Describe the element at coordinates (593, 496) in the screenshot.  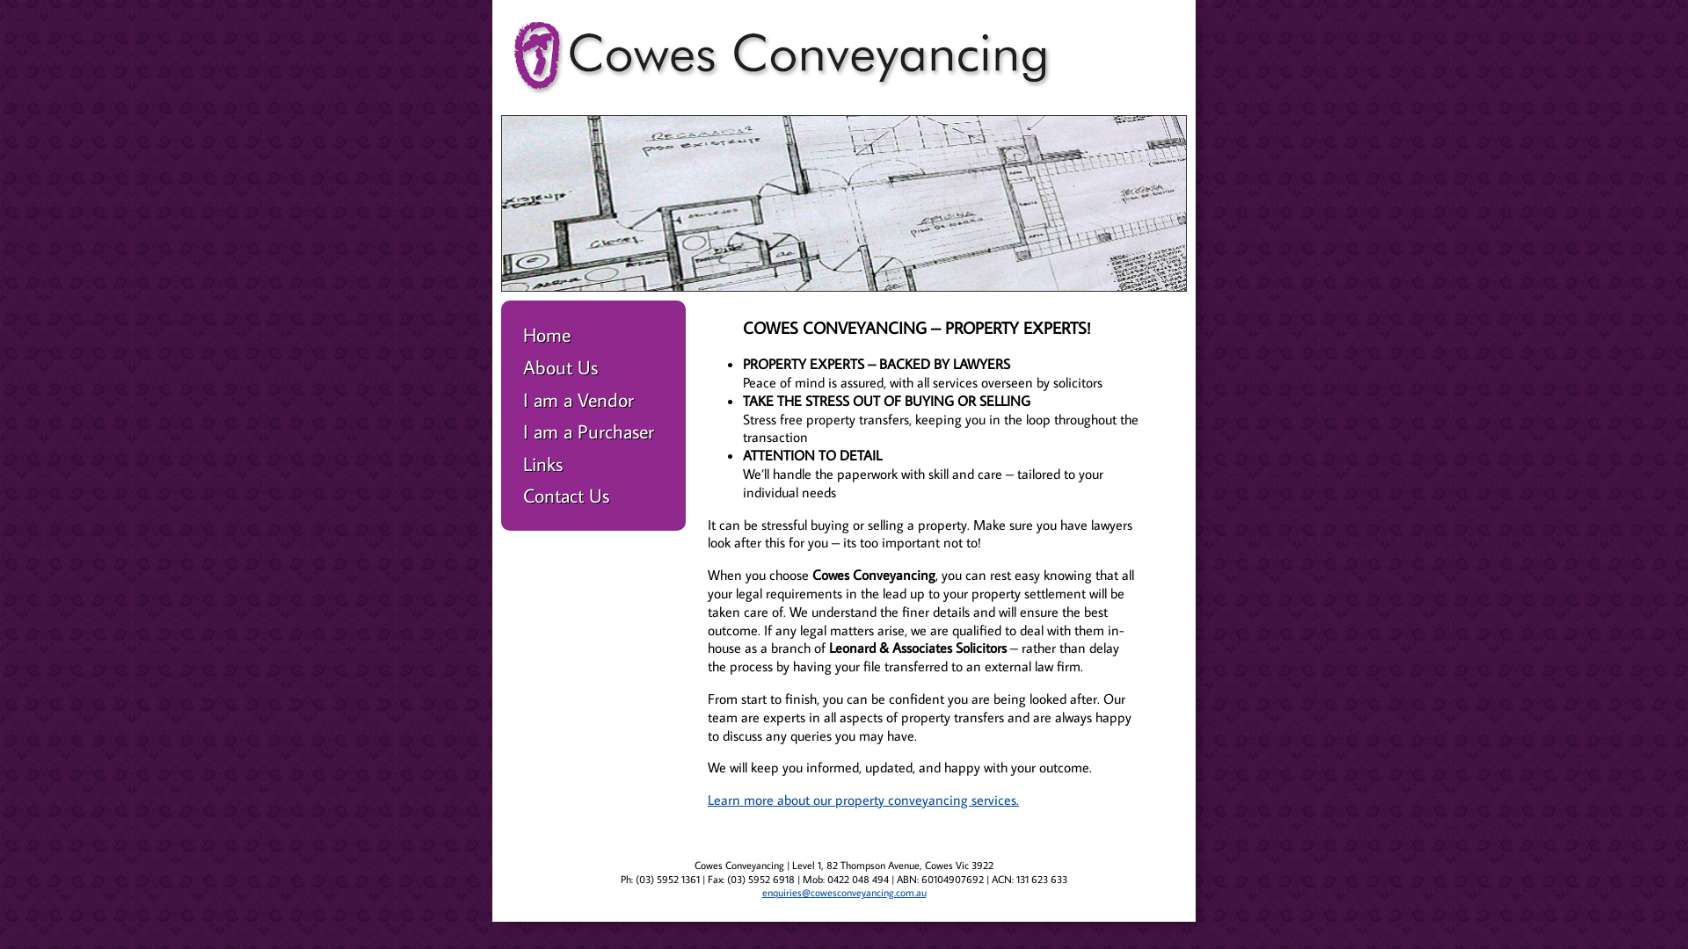
I see `'Contact Us'` at that location.